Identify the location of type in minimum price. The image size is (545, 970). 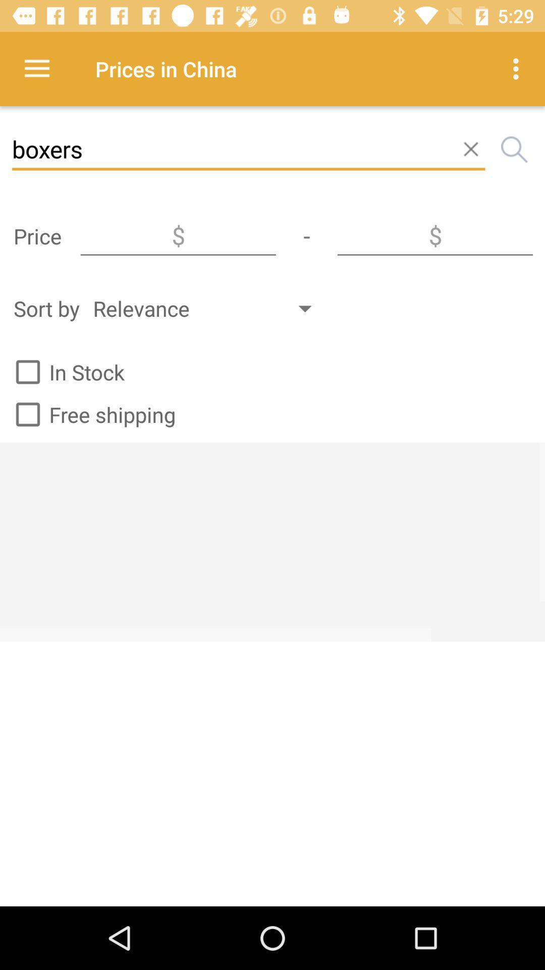
(178, 235).